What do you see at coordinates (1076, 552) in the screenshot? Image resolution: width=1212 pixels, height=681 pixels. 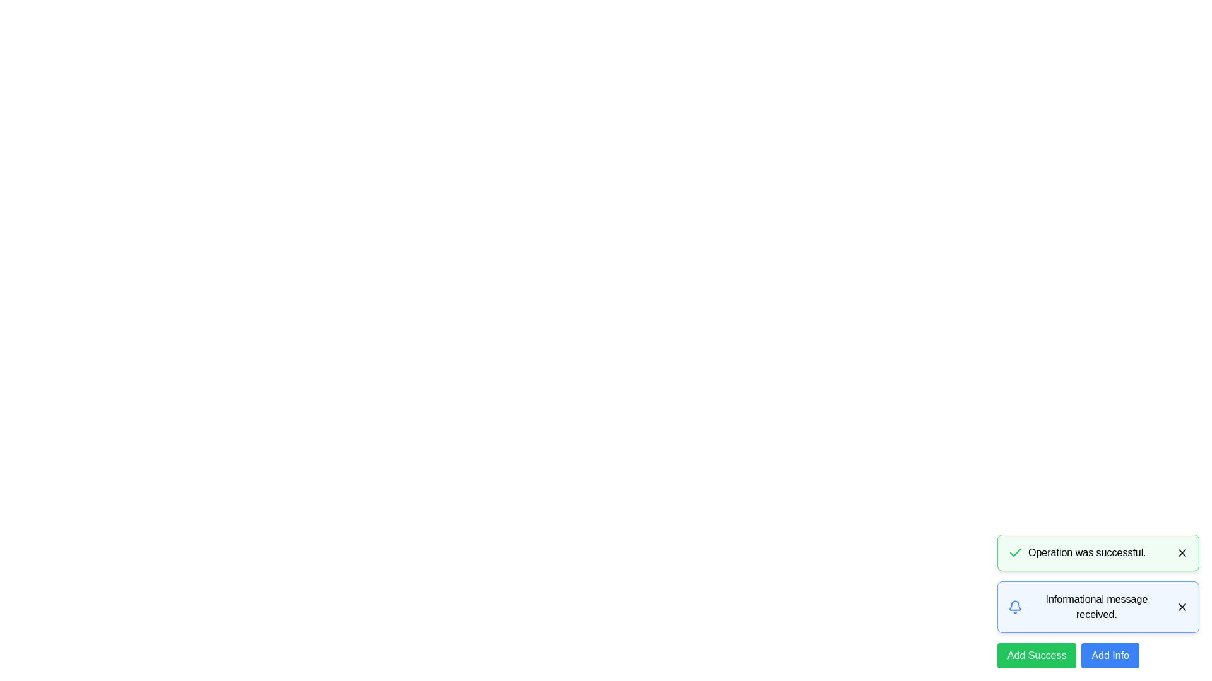 I see `message from the Notification label indicating success, which displays a checkmark icon followed by the text 'Operation was successful.'` at bounding box center [1076, 552].